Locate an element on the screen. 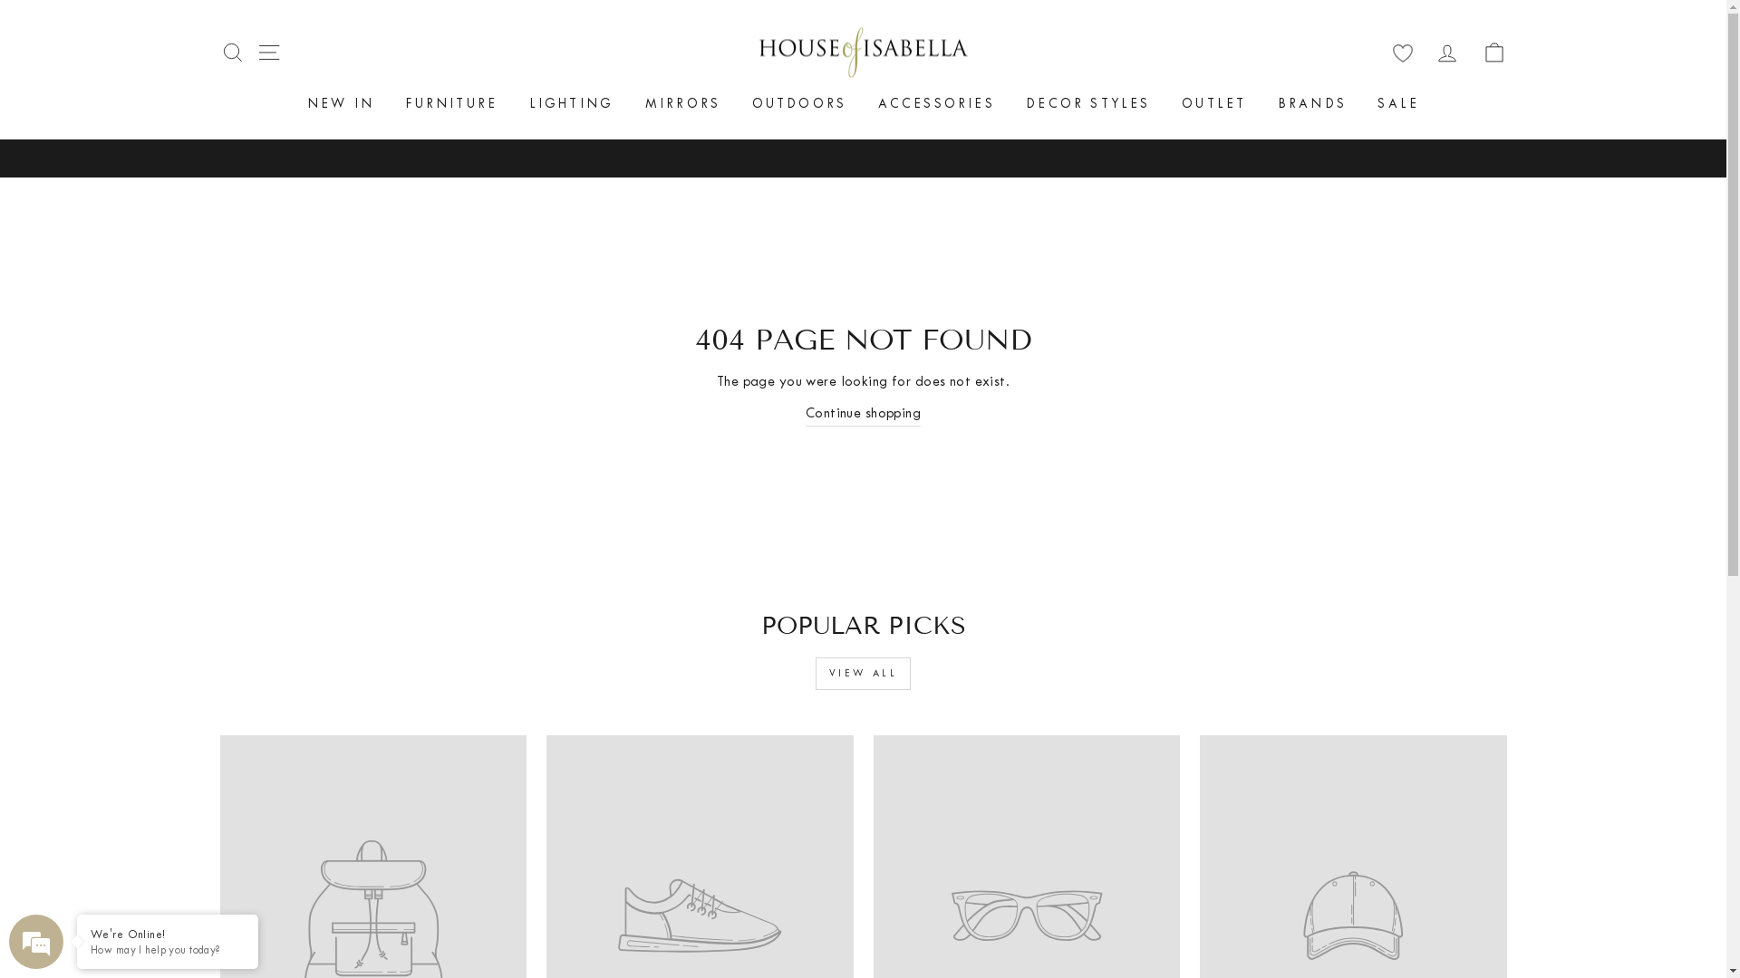  'SEARCH' is located at coordinates (230, 51).